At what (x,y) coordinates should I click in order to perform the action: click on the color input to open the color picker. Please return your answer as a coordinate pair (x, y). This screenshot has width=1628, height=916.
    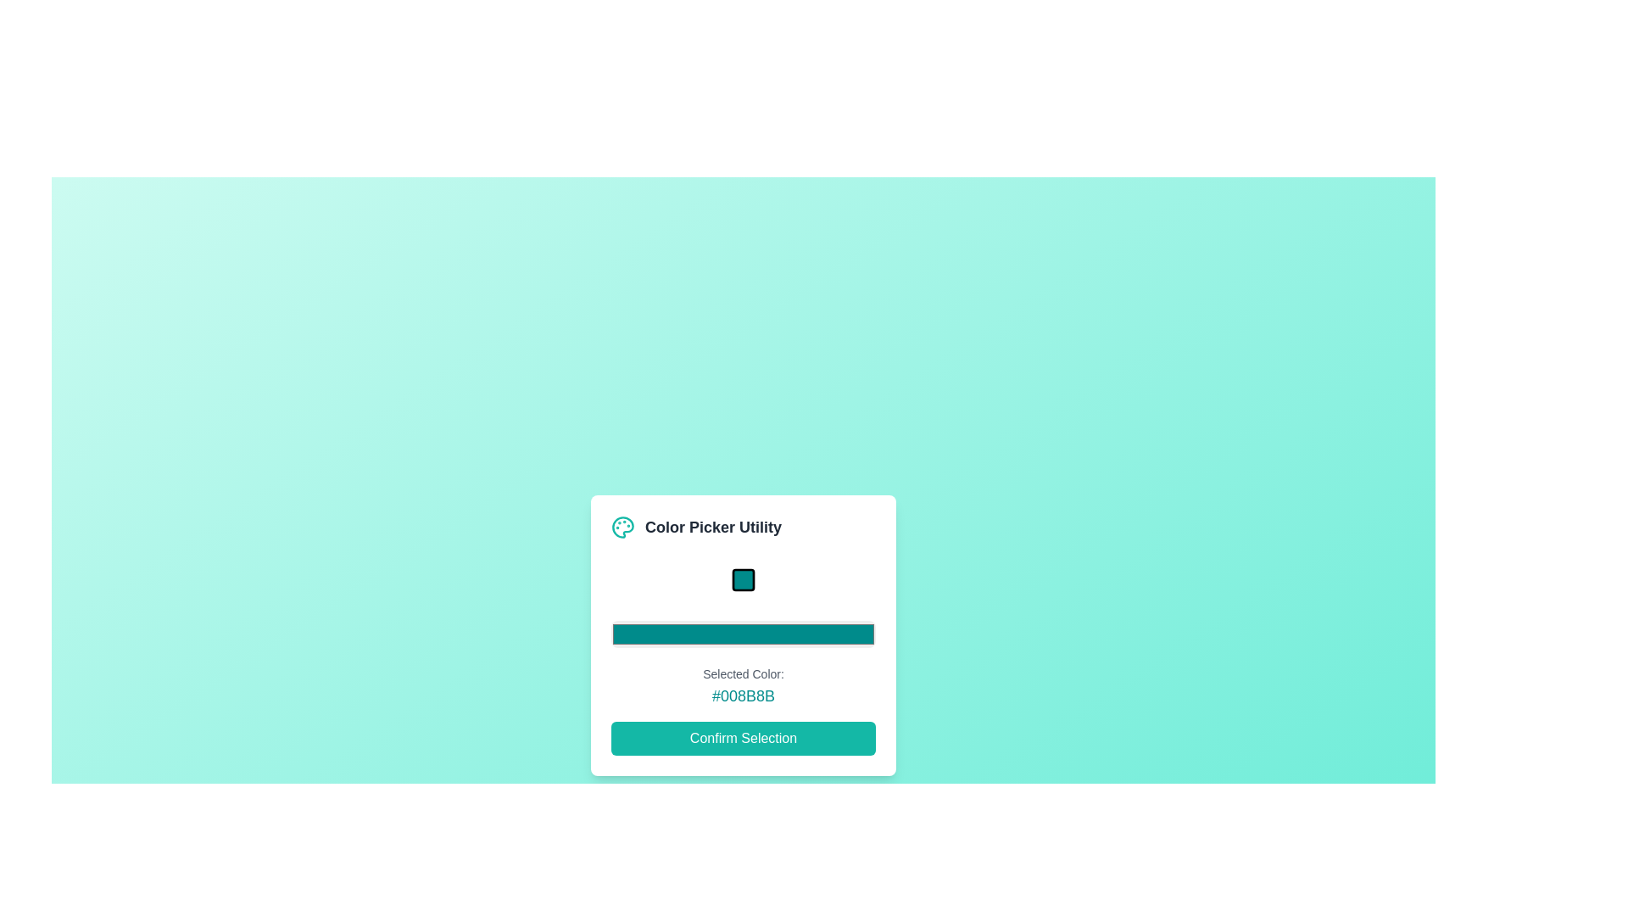
    Looking at the image, I should click on (744, 634).